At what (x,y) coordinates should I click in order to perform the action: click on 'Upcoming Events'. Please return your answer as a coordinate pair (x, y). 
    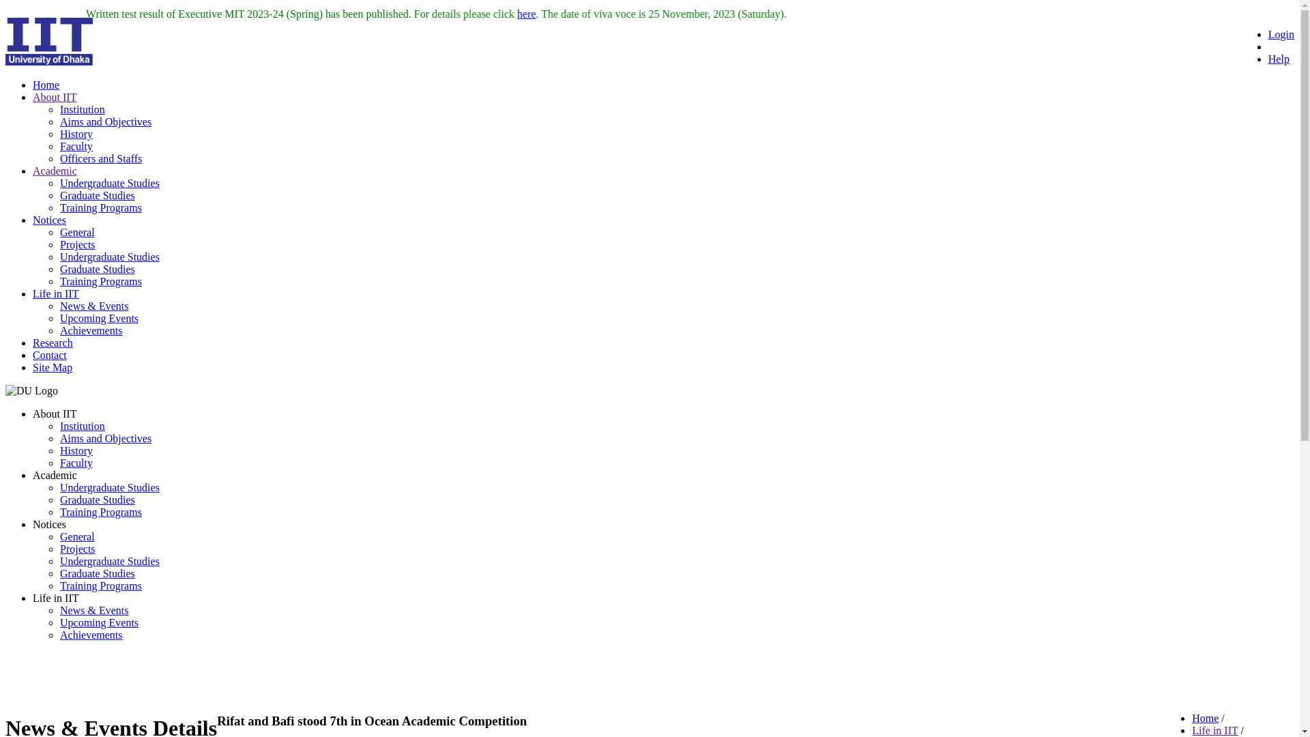
    Looking at the image, I should click on (98, 622).